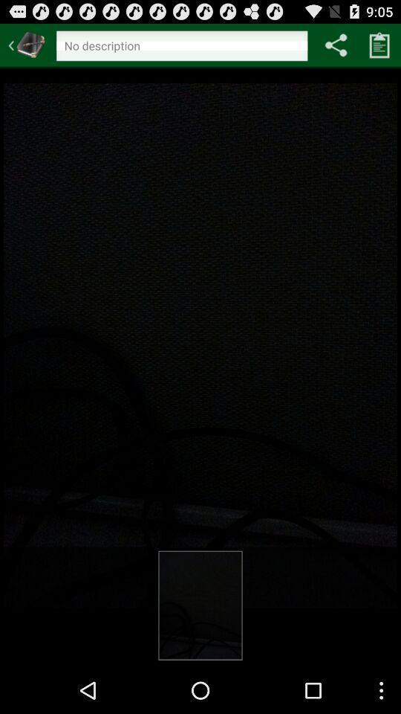  I want to click on share this content, so click(336, 44).